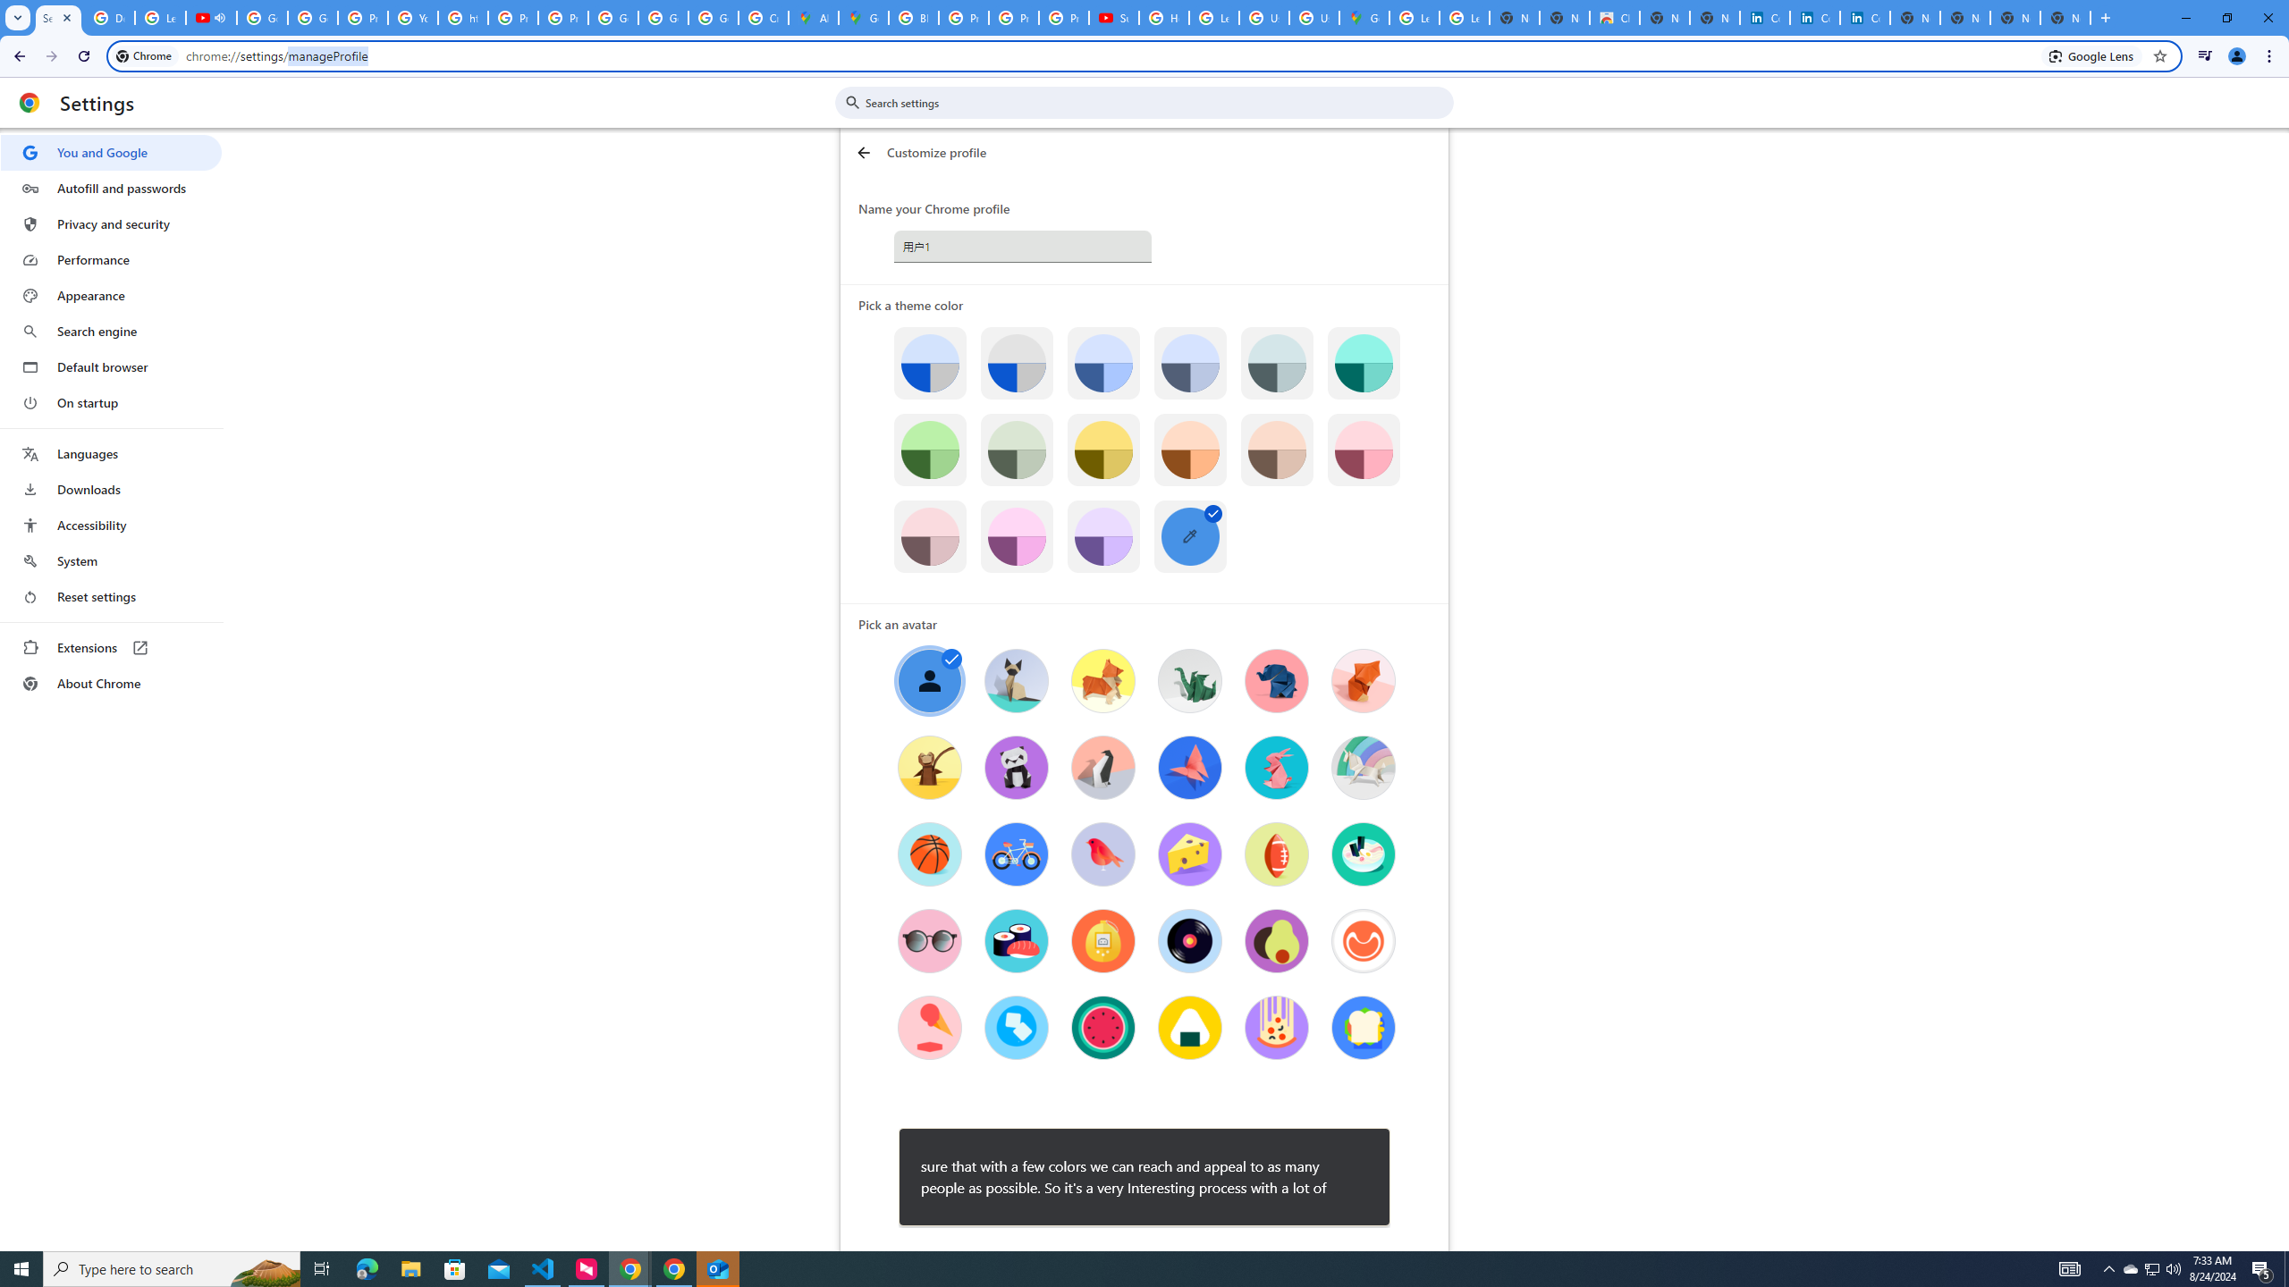 The image size is (2289, 1287). What do you see at coordinates (1765, 17) in the screenshot?
I see `'Cookie Policy | LinkedIn'` at bounding box center [1765, 17].